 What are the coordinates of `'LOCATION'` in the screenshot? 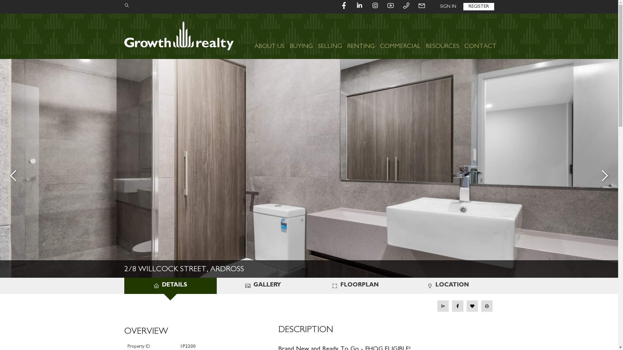 It's located at (447, 286).